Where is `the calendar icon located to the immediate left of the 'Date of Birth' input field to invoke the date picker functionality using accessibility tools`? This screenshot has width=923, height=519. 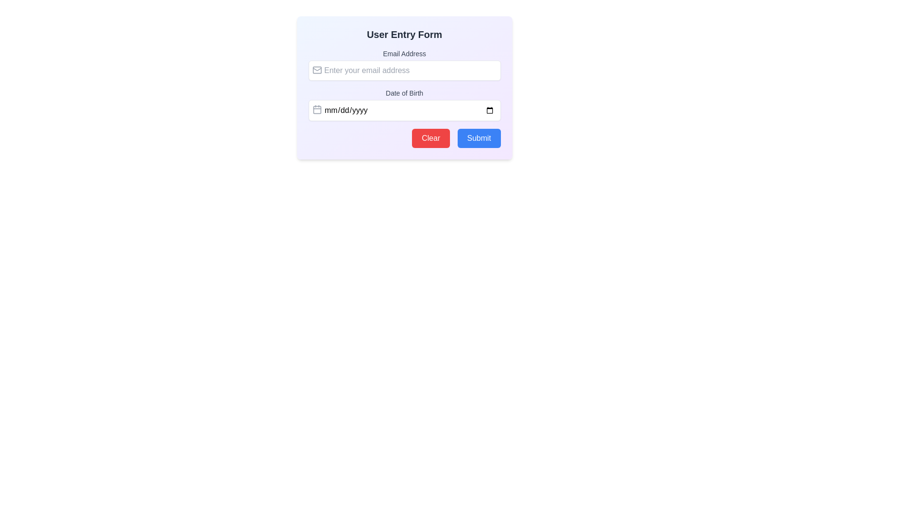 the calendar icon located to the immediate left of the 'Date of Birth' input field to invoke the date picker functionality using accessibility tools is located at coordinates (317, 109).